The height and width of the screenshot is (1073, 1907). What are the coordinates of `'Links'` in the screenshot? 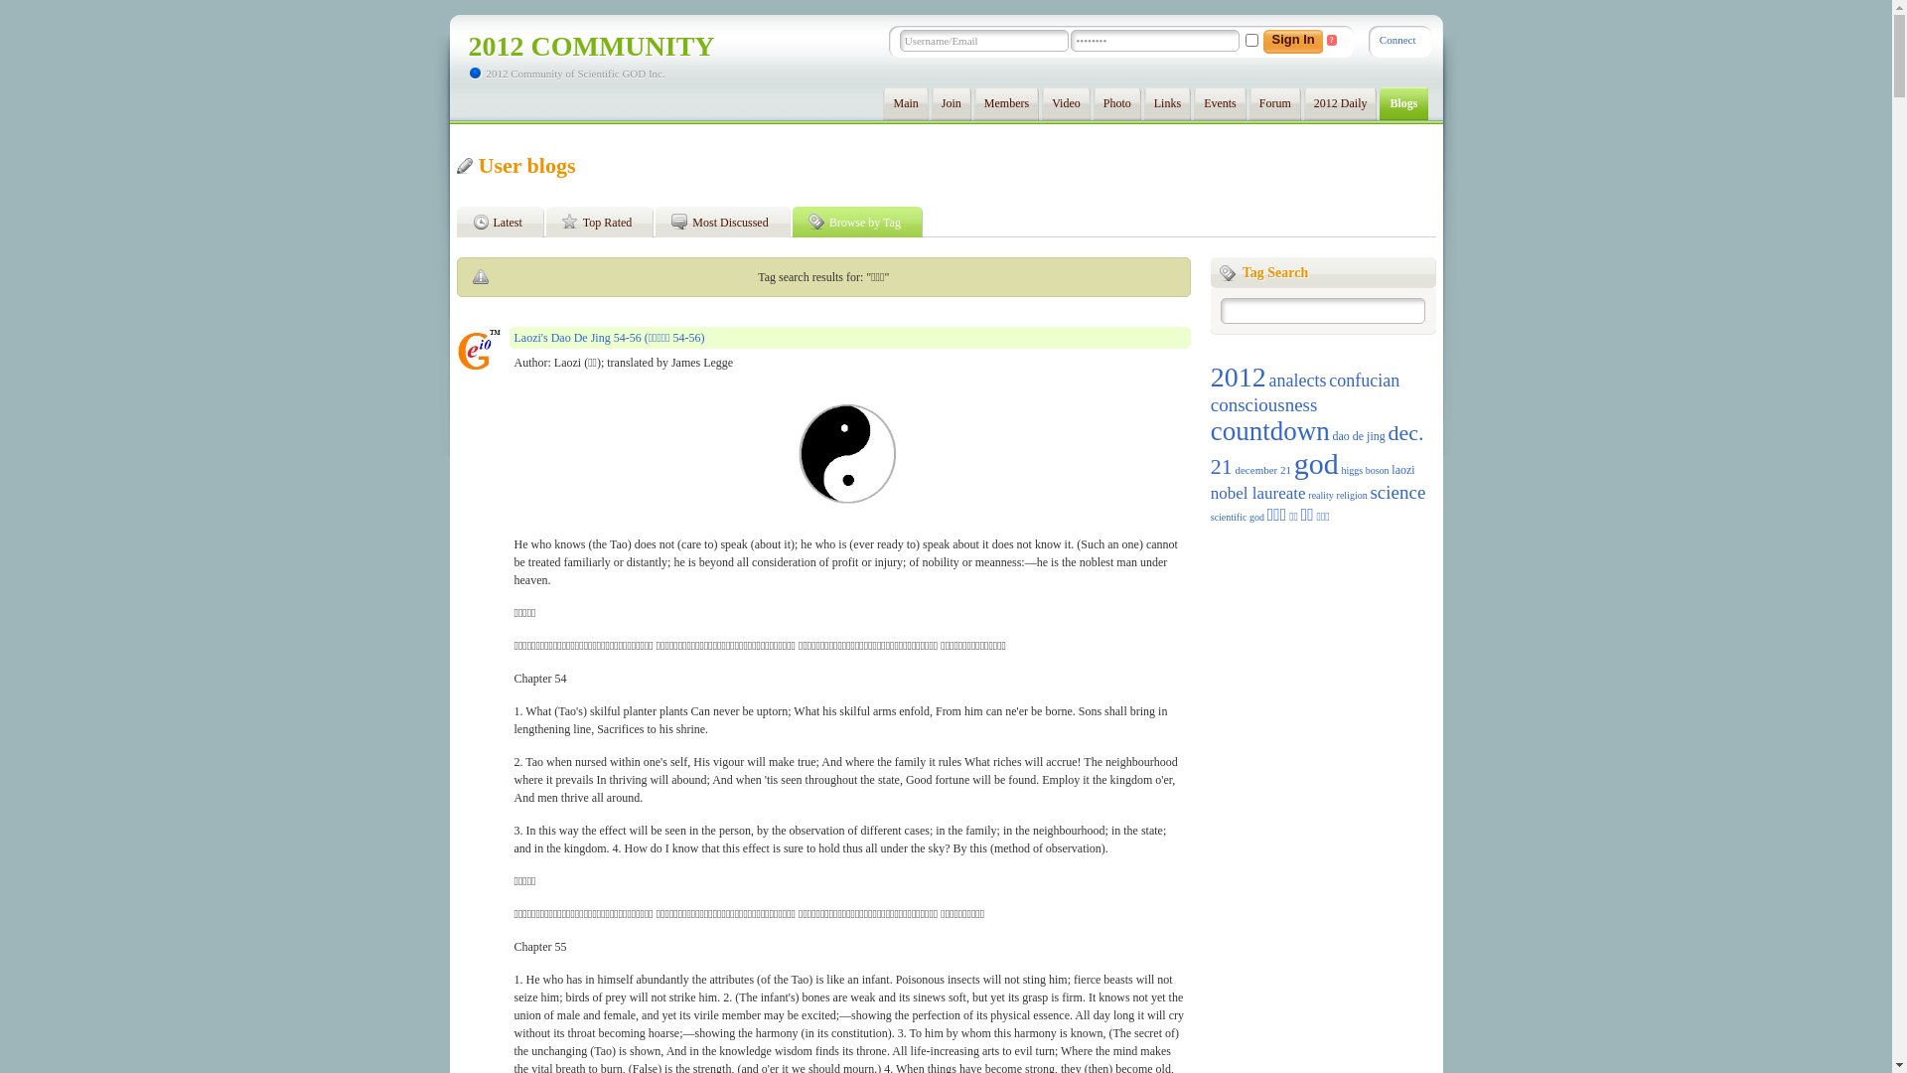 It's located at (1144, 103).